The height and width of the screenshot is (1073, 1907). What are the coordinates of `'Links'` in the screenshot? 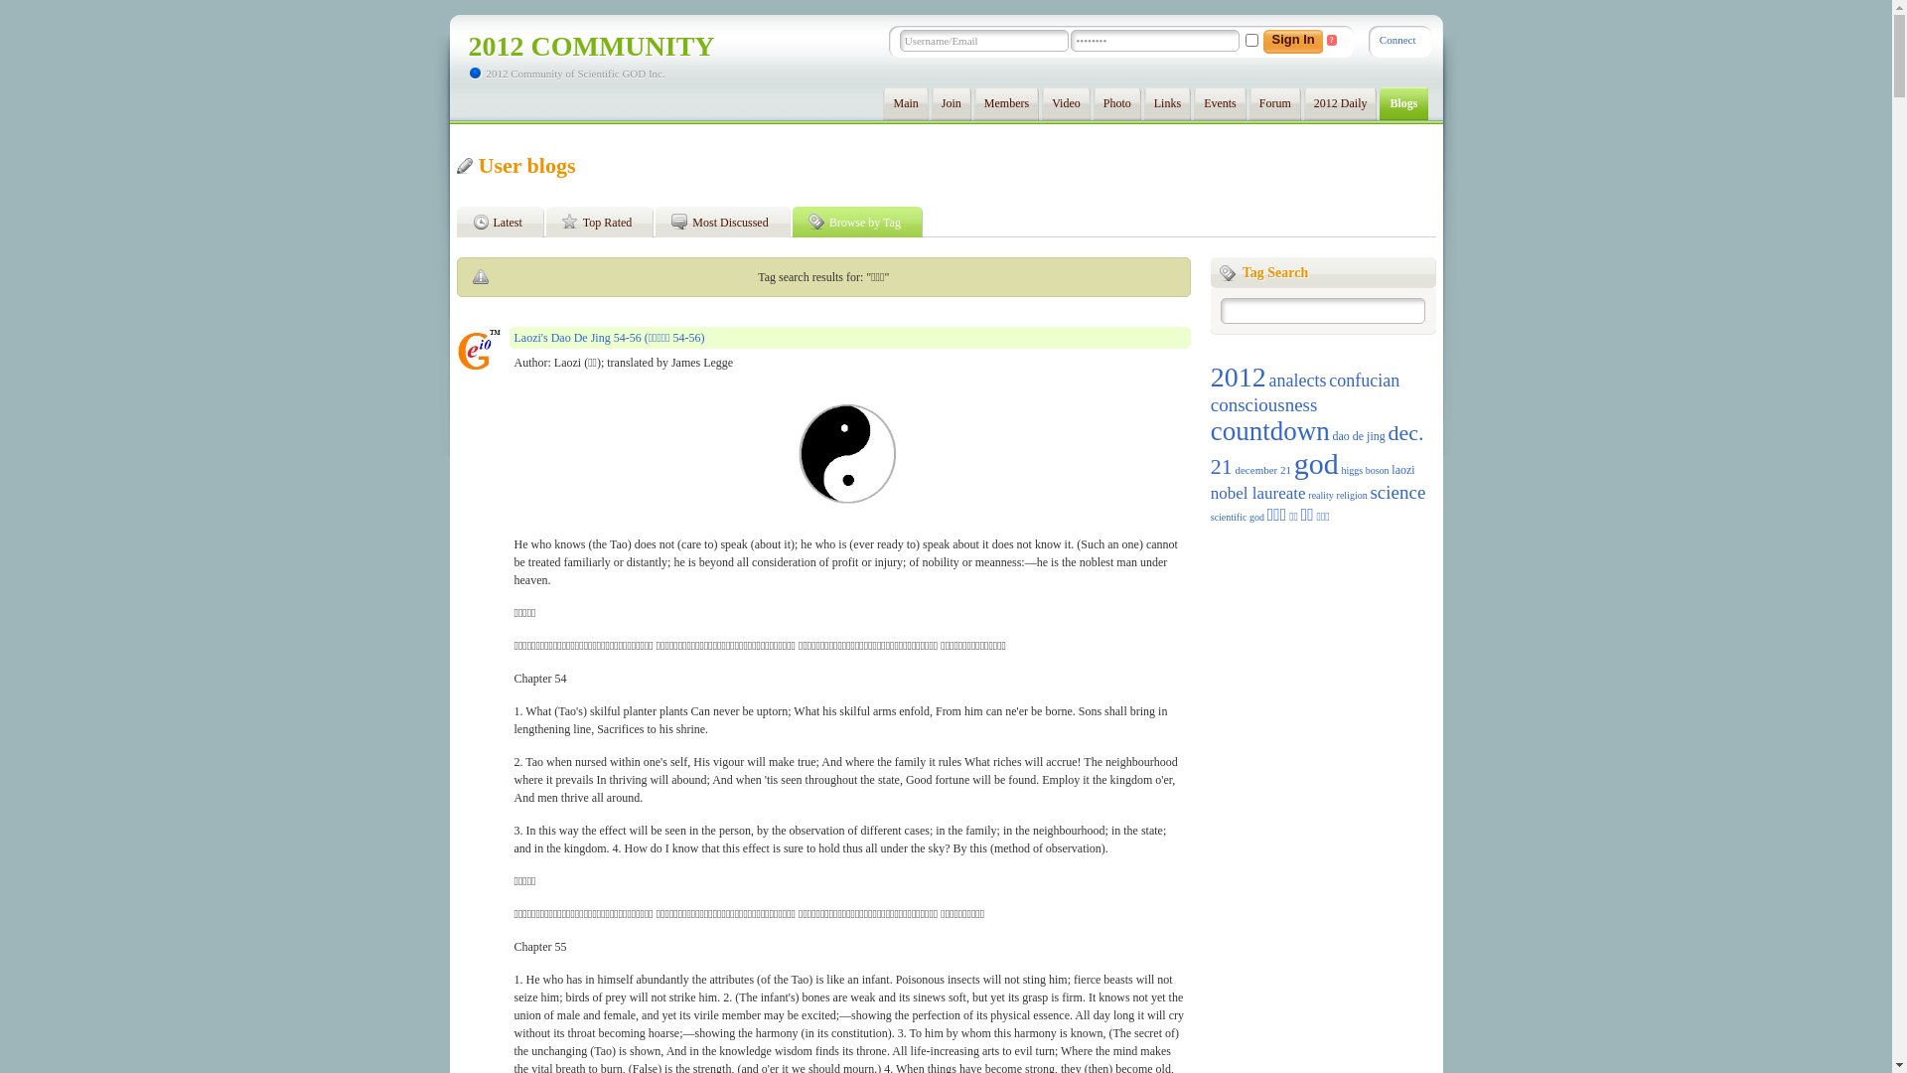 It's located at (1144, 103).